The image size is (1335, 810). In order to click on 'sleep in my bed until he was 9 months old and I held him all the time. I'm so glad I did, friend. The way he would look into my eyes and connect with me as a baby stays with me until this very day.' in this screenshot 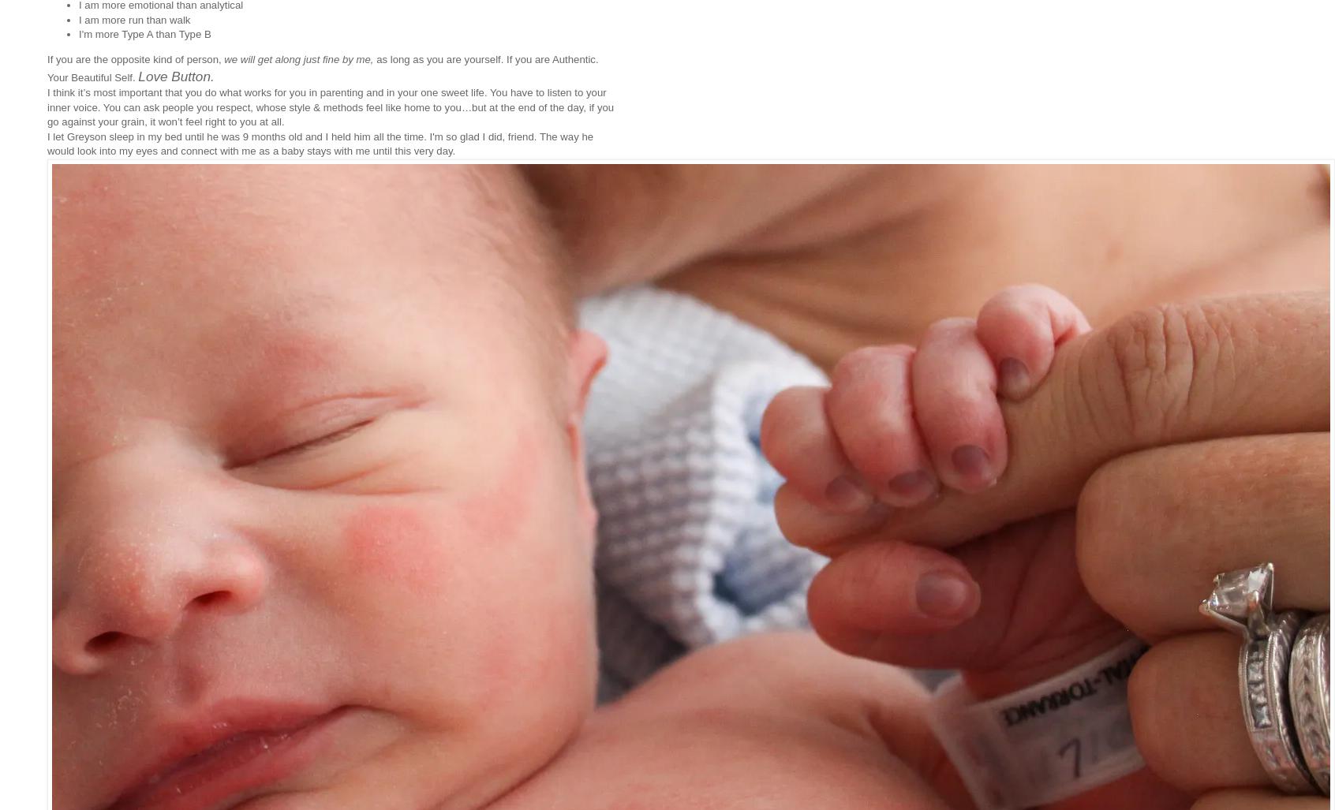, I will do `click(320, 142)`.